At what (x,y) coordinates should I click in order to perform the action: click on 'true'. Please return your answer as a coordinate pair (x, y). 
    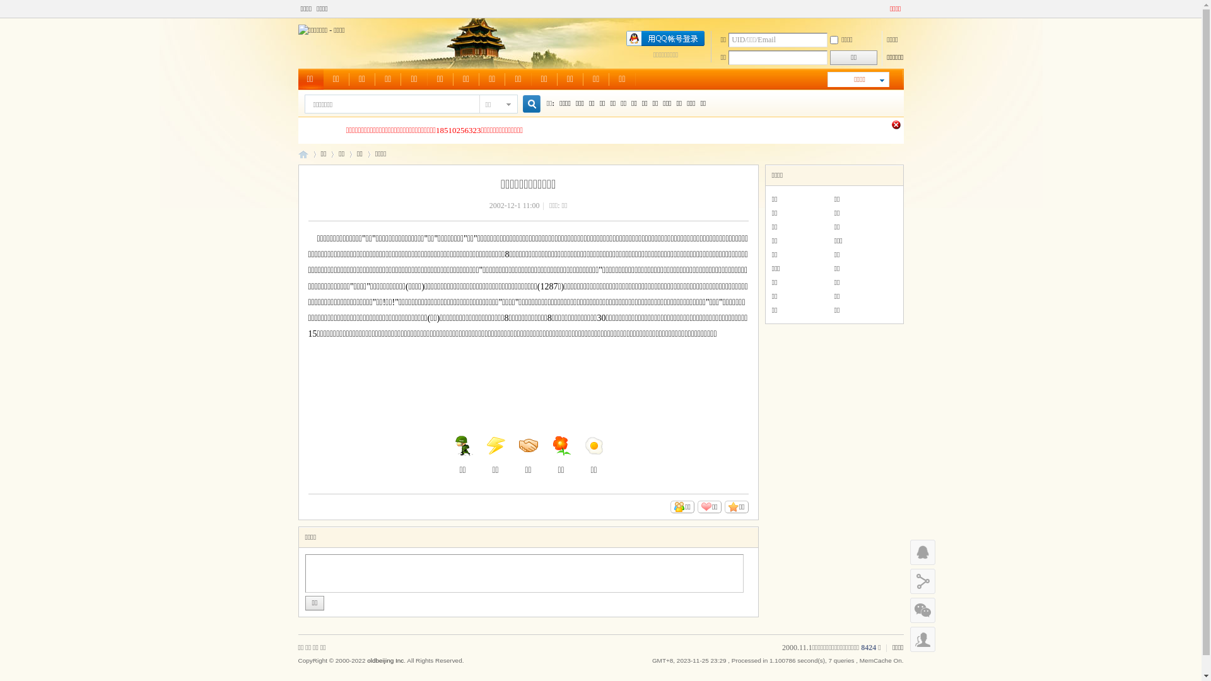
    Looking at the image, I should click on (526, 103).